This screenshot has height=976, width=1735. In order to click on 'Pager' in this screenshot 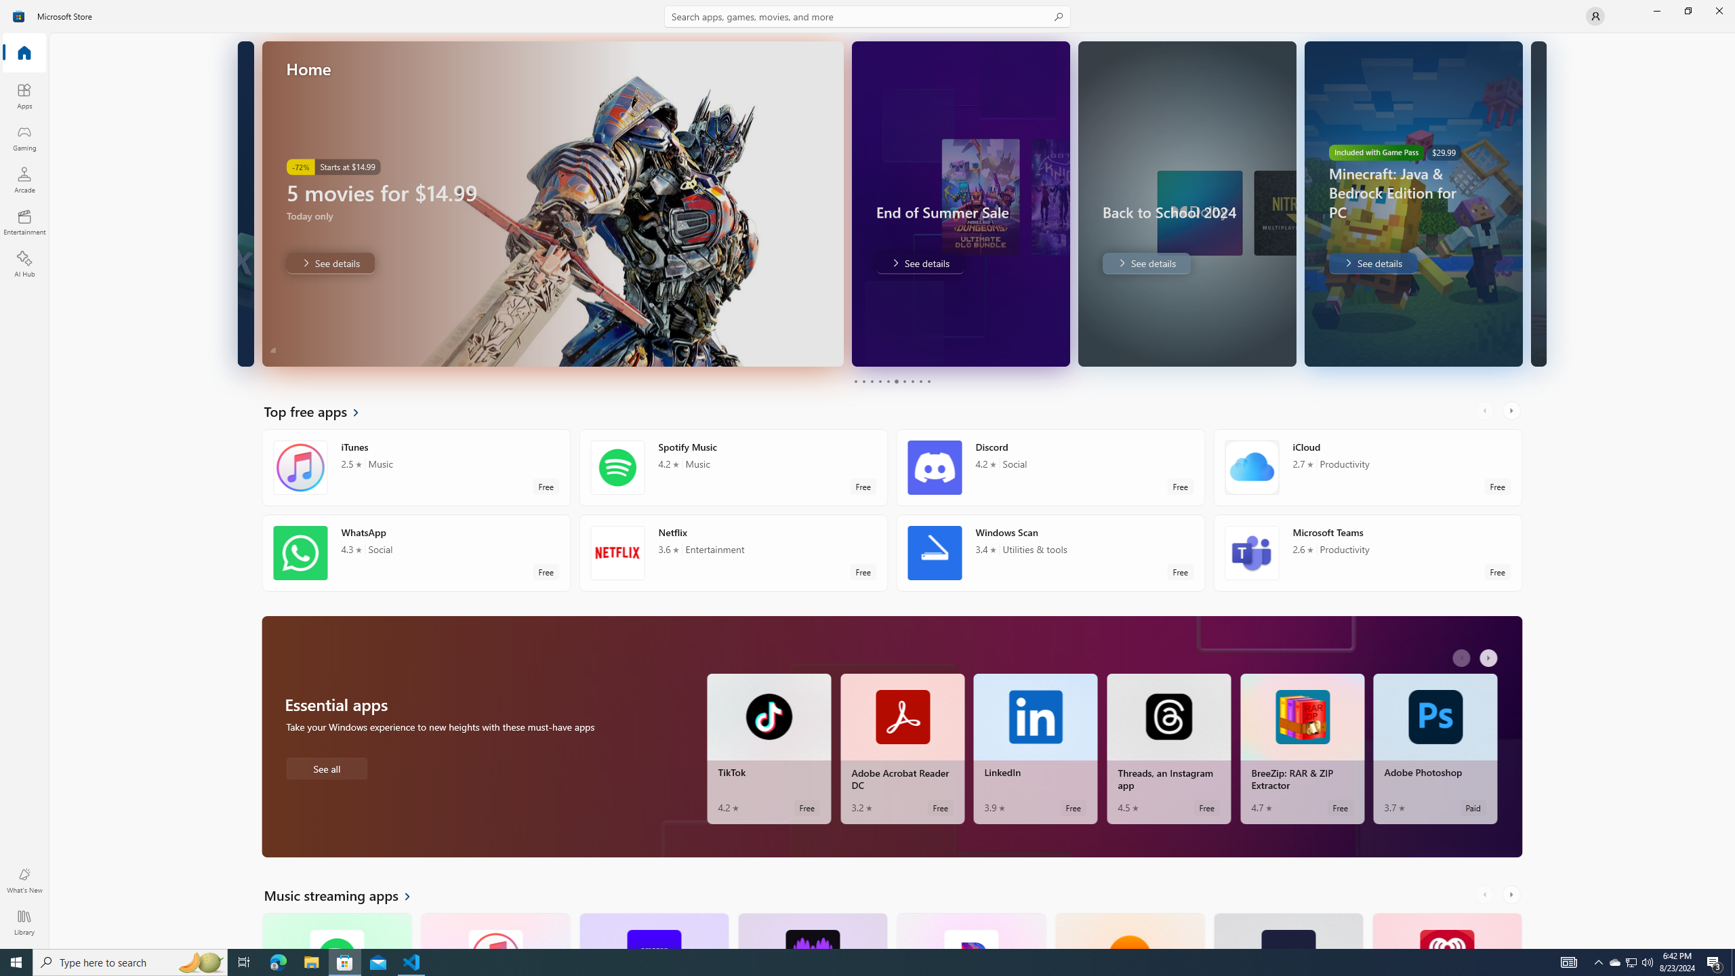, I will do `click(892, 381)`.